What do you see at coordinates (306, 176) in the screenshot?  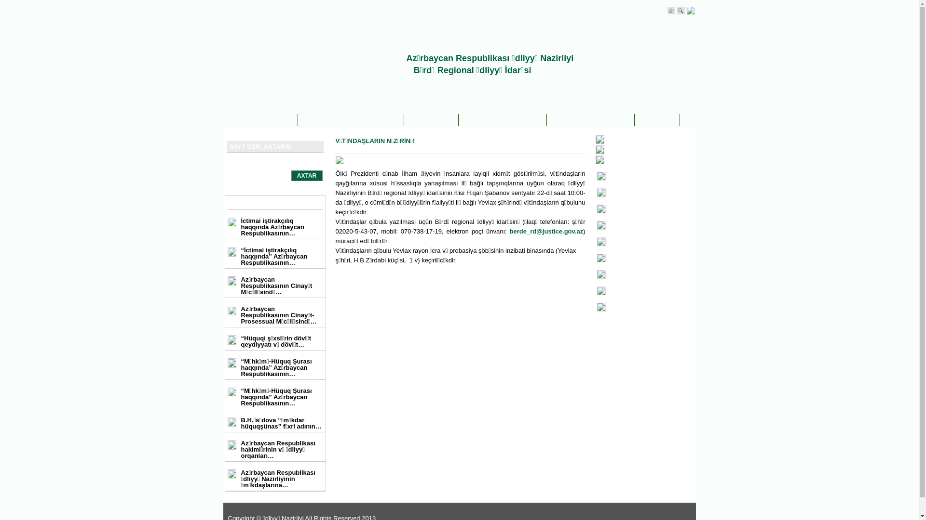 I see `'AXTAR'` at bounding box center [306, 176].